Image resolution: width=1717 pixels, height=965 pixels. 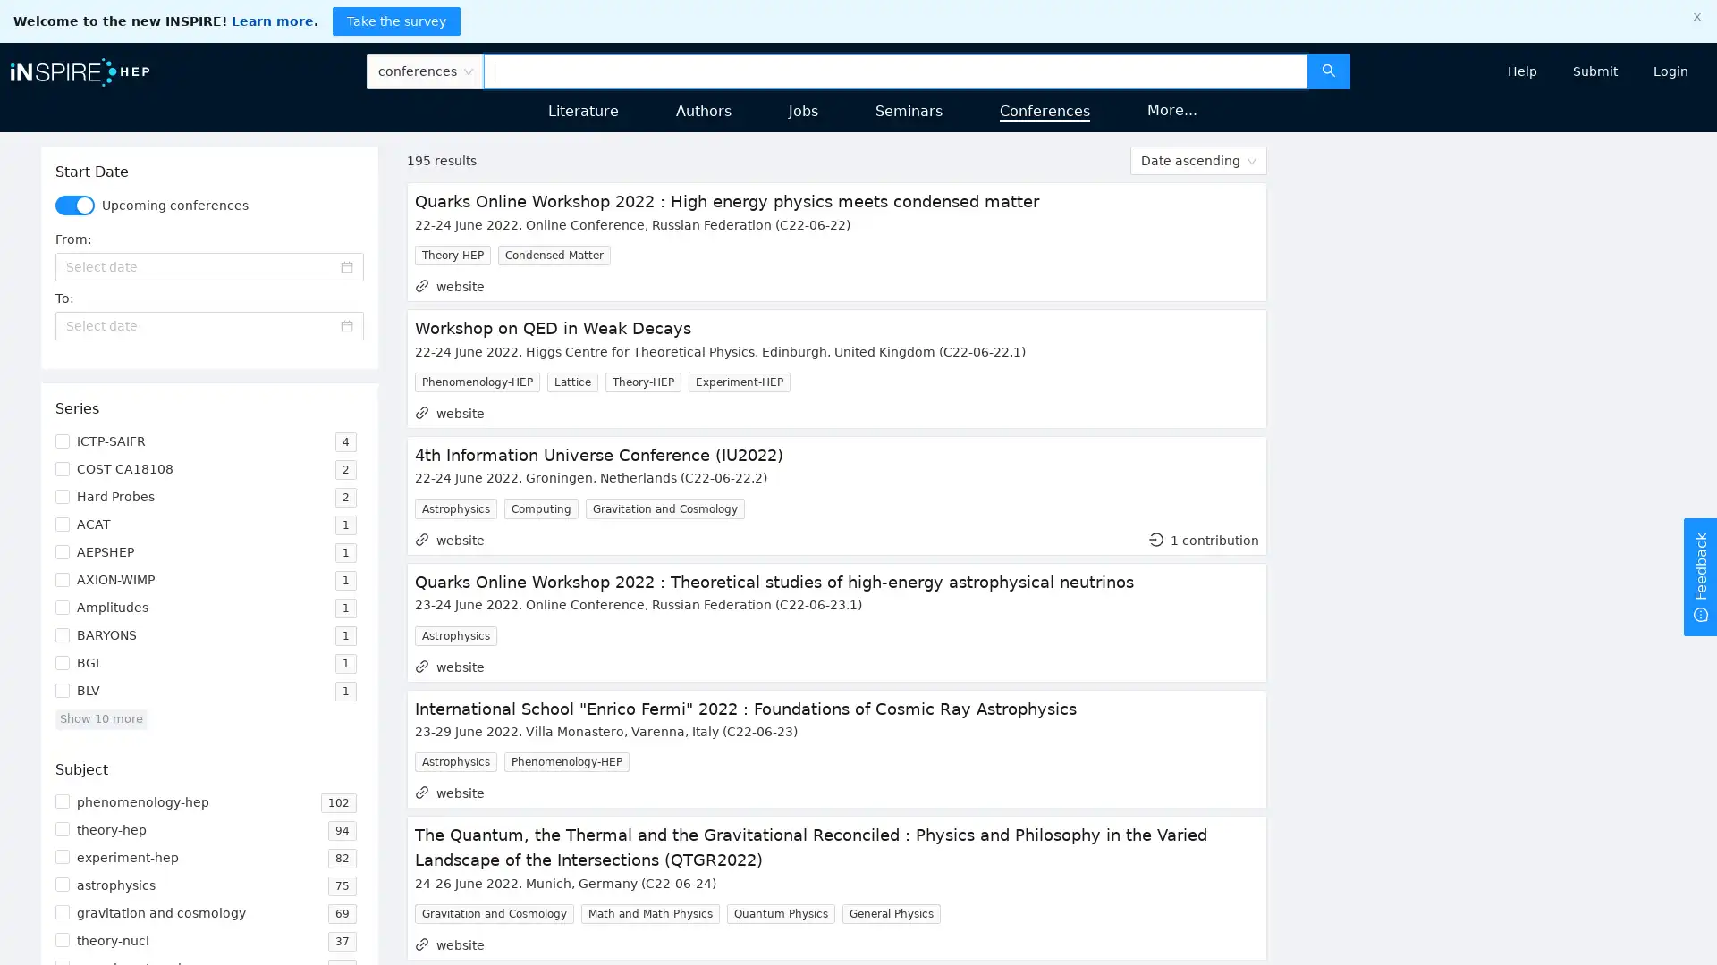 I want to click on close, so click(x=1696, y=17).